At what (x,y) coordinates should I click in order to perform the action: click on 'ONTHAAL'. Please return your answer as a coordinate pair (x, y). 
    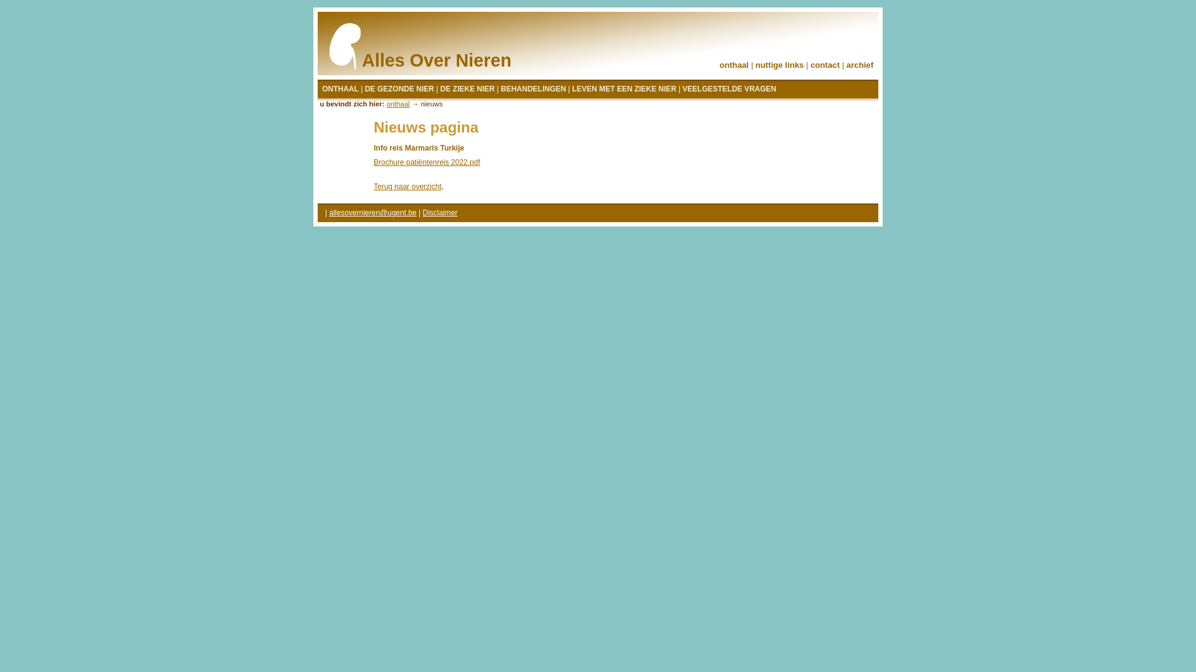
    Looking at the image, I should click on (340, 88).